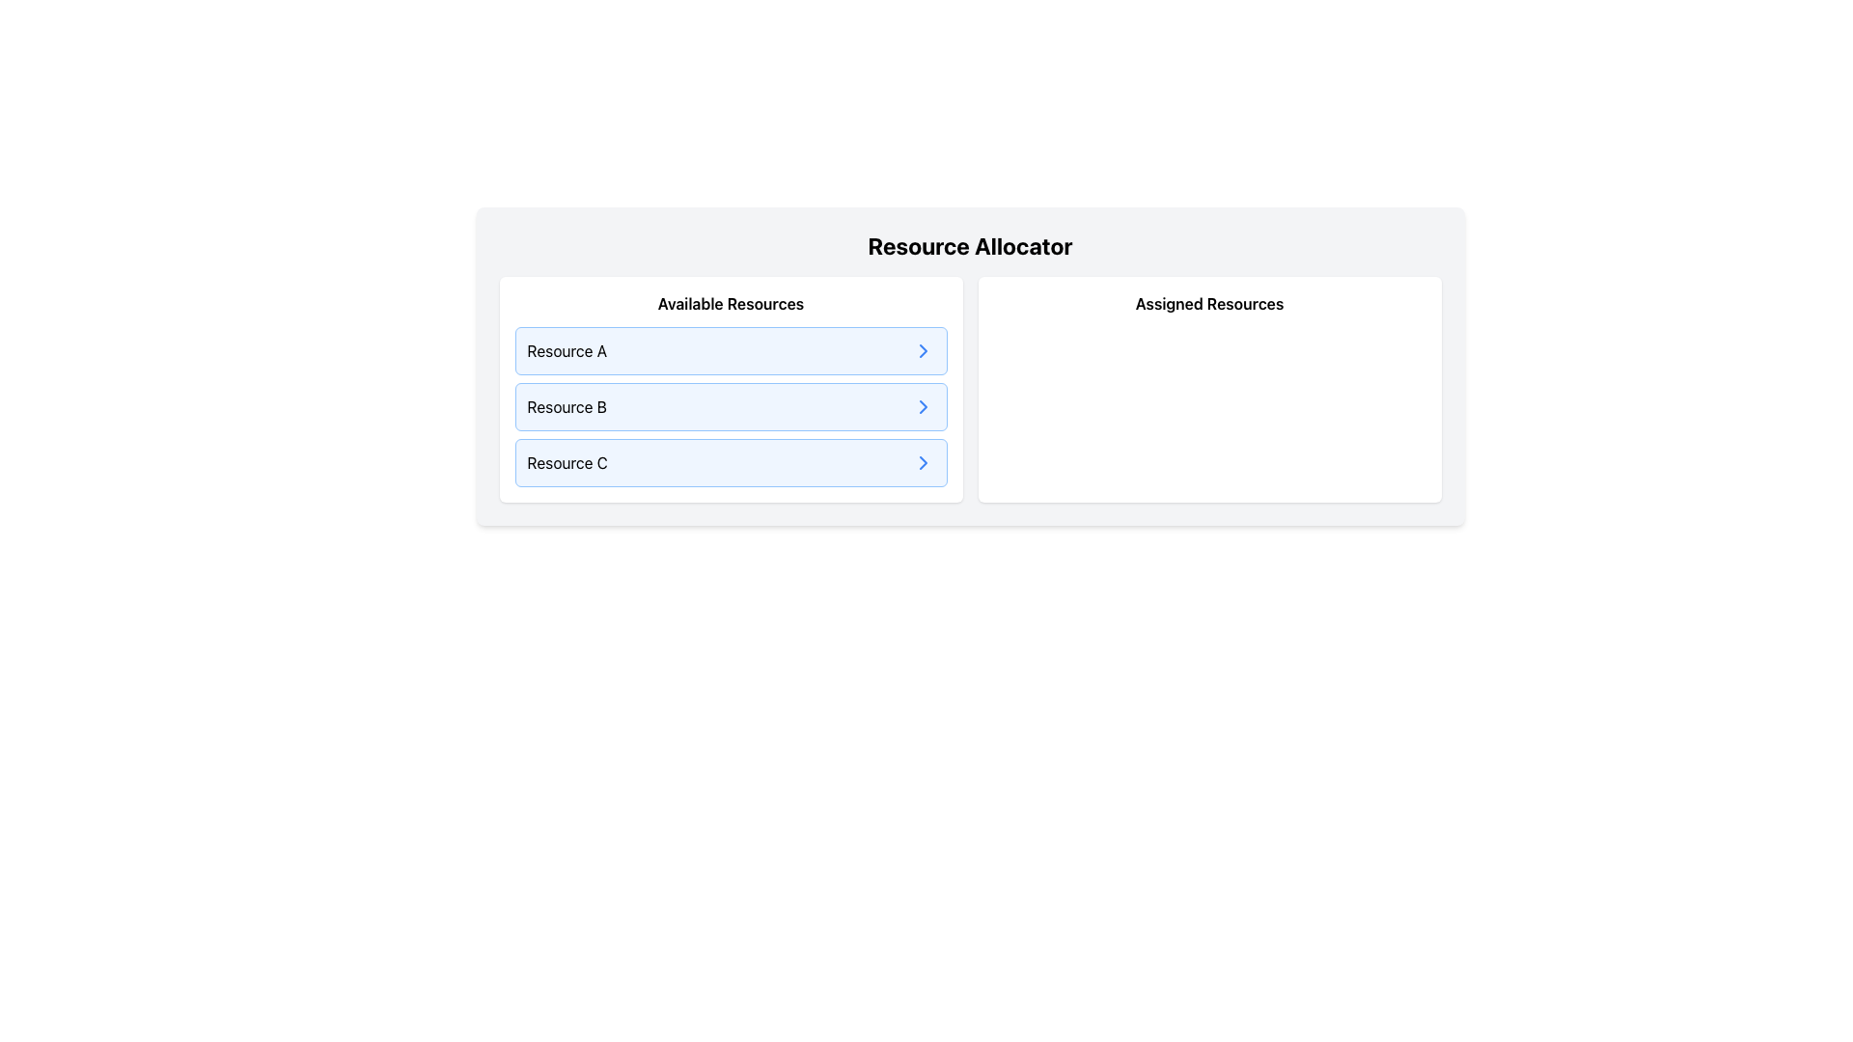  What do you see at coordinates (922, 405) in the screenshot?
I see `the chevron icon at the far right end of the 'Resource B' card within the 'Available Resources' list to observe potential styling changes` at bounding box center [922, 405].